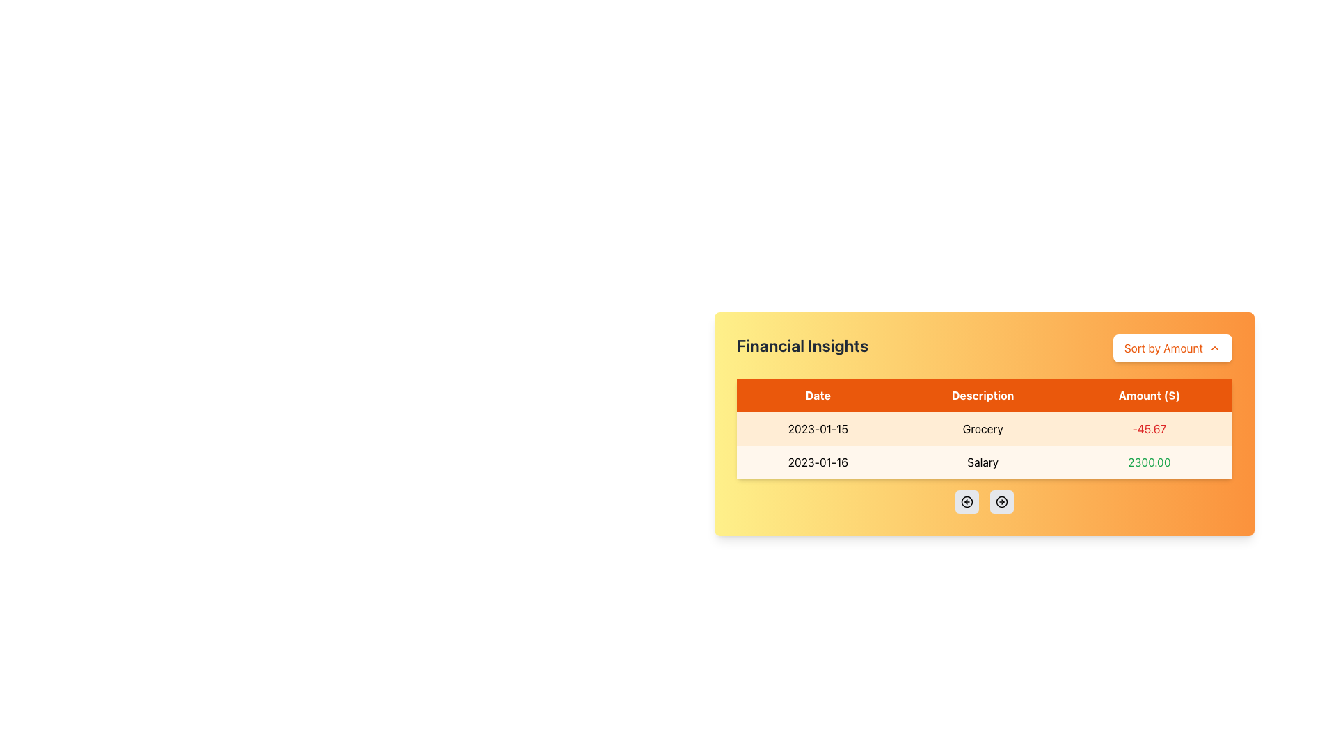  I want to click on the green text label displaying '2300.00' in the third column of the second row under the 'Amount ($)' header in the data table, so click(1149, 462).